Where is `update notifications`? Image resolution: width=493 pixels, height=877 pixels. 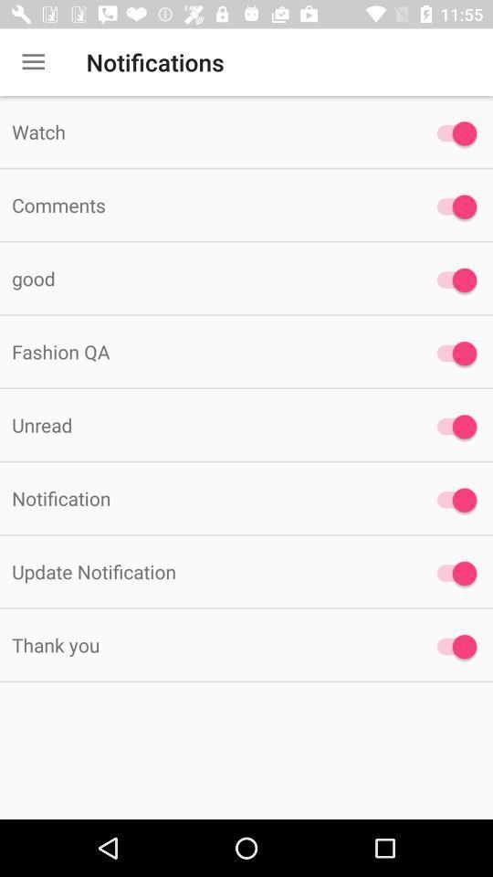
update notifications is located at coordinates (451, 572).